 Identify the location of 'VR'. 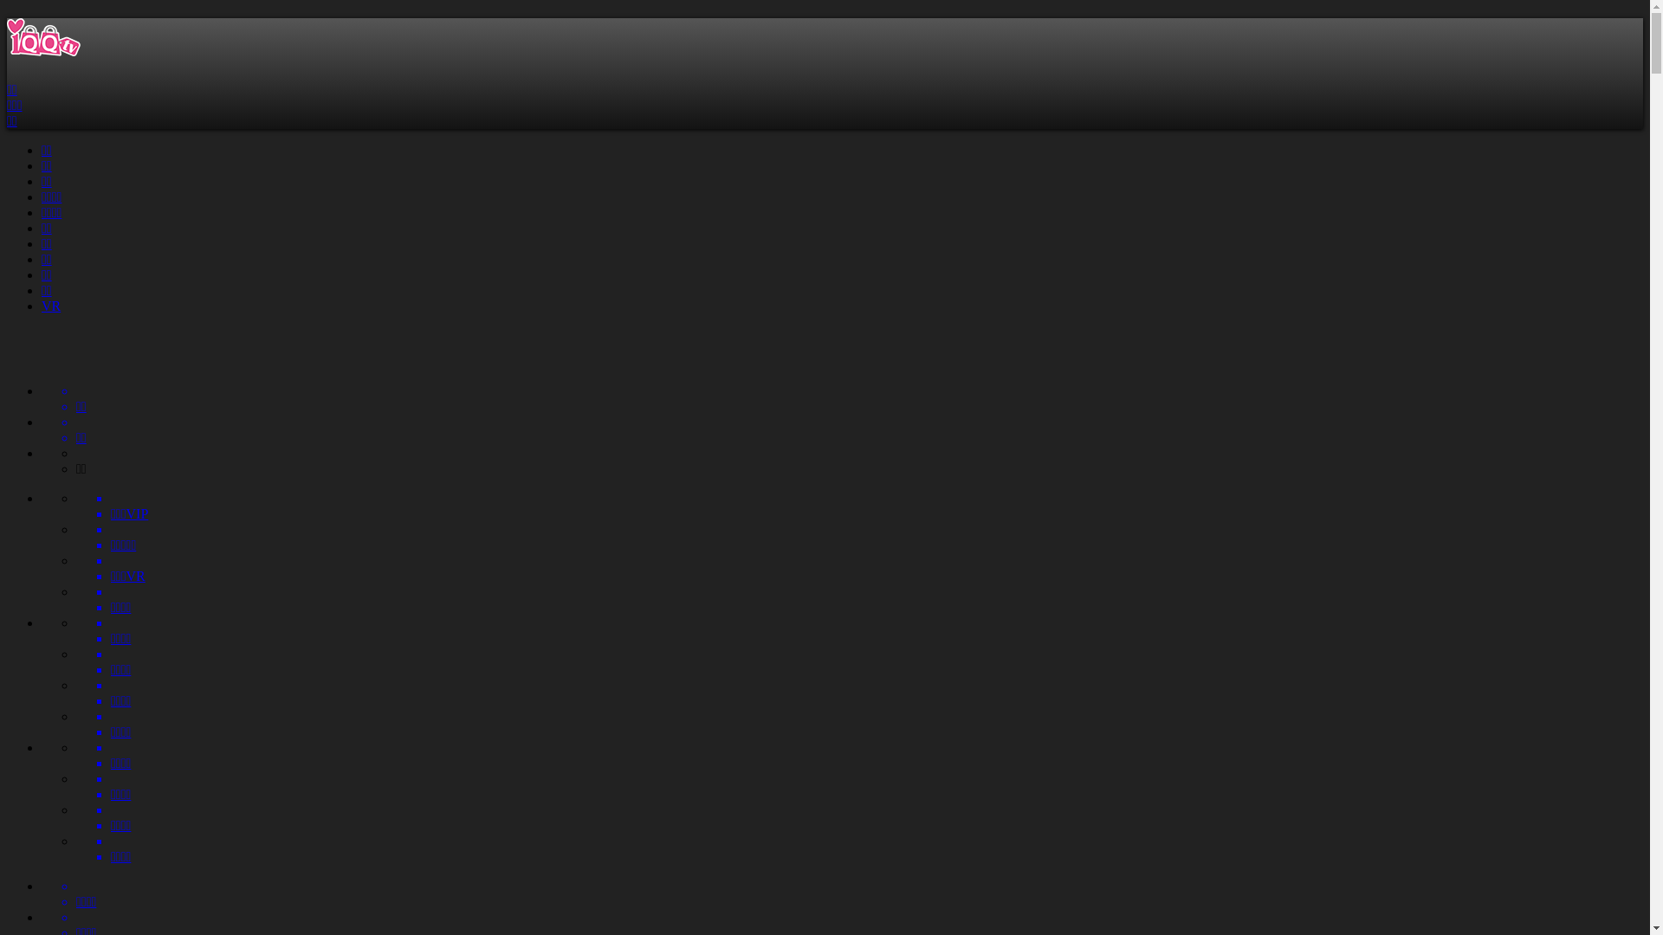
(50, 305).